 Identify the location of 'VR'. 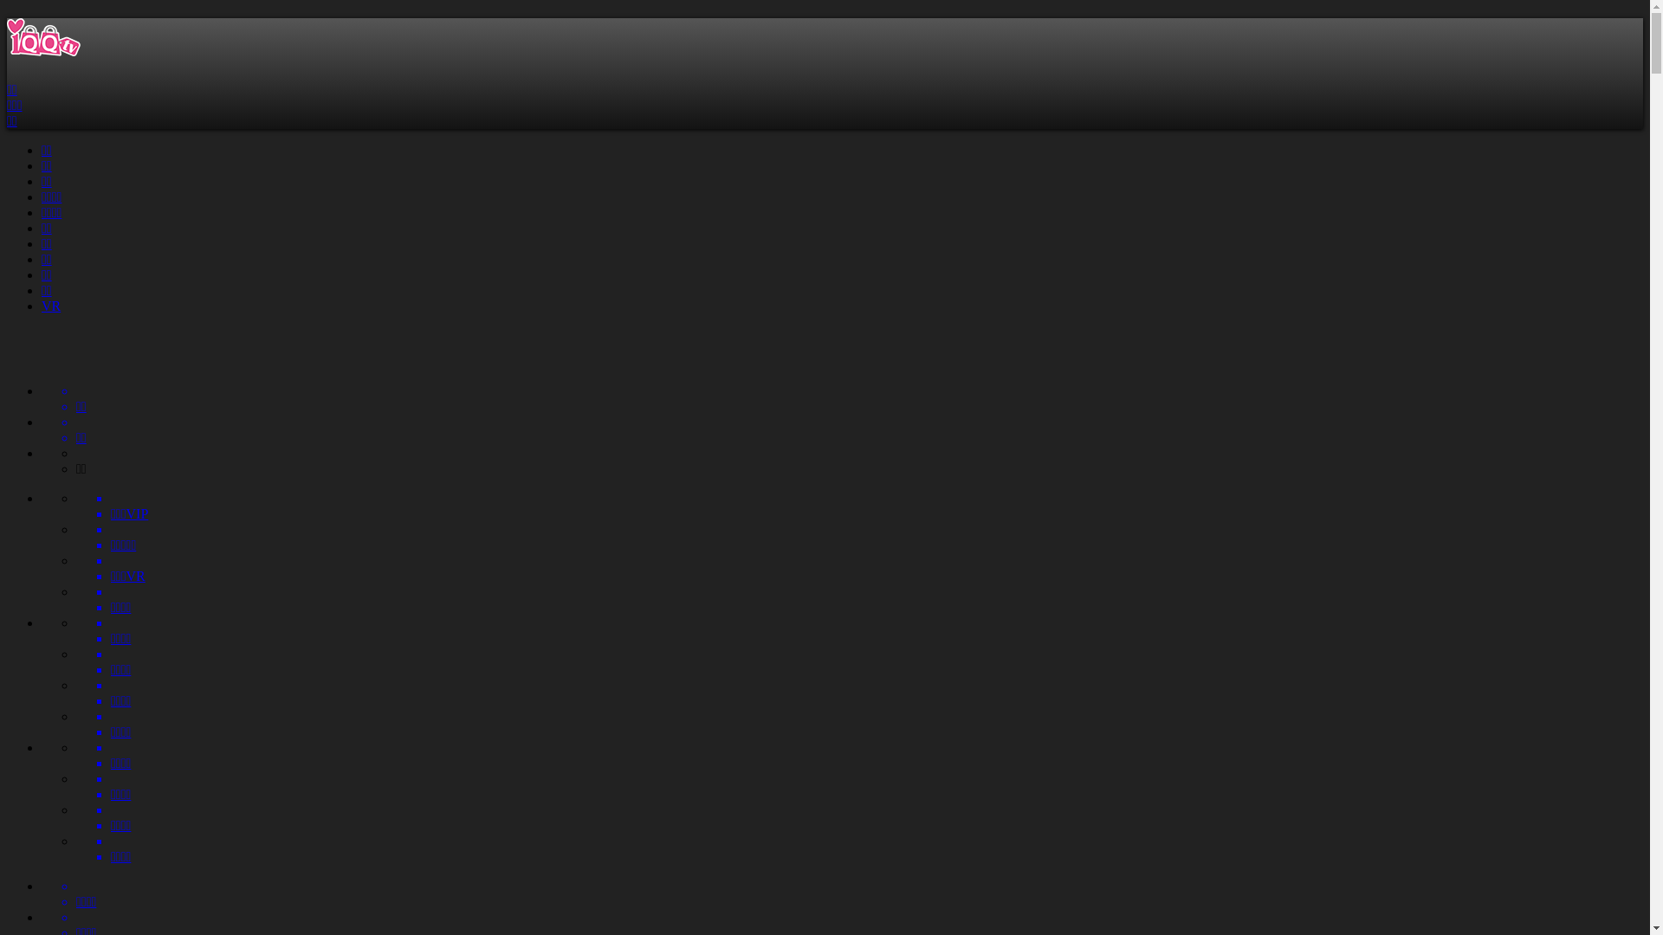
(50, 305).